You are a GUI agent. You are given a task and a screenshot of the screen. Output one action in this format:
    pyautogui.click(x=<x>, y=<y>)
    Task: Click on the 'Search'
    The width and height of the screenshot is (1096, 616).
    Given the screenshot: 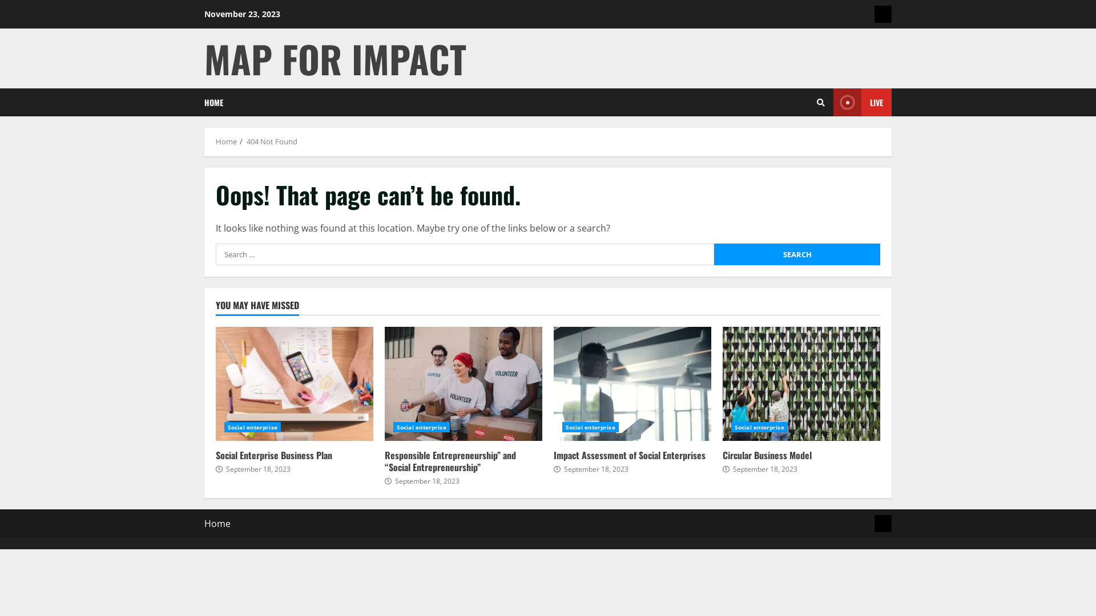 What is the action you would take?
    pyautogui.click(x=796, y=254)
    